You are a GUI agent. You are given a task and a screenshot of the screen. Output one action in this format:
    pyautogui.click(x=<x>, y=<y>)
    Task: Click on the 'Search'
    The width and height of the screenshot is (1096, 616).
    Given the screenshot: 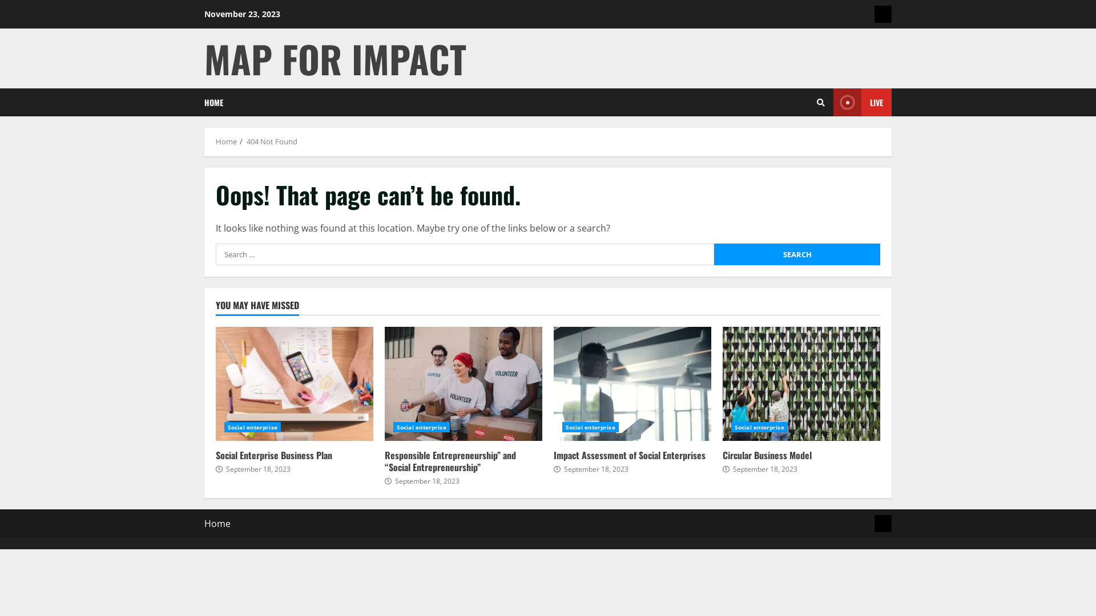 What is the action you would take?
    pyautogui.click(x=796, y=254)
    